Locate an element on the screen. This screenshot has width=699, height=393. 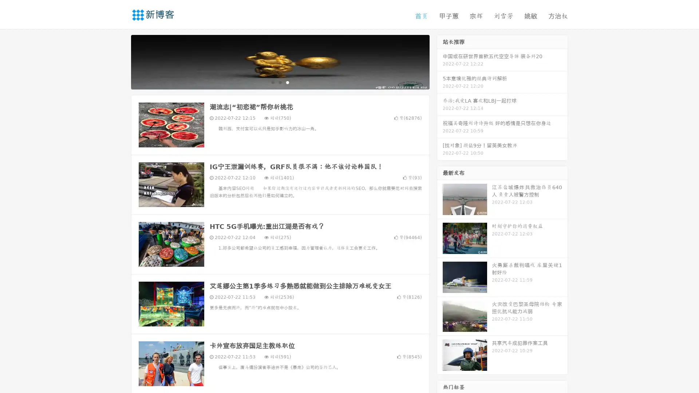
Go to slide 1 is located at coordinates (272, 82).